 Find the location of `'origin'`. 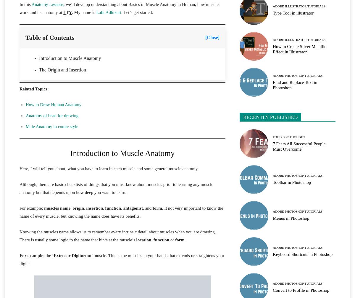

'origin' is located at coordinates (72, 208).